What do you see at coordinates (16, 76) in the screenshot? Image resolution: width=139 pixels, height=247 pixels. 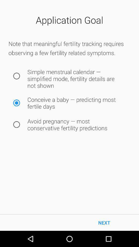 I see `icon to the left of the simple menstrual calendar` at bounding box center [16, 76].